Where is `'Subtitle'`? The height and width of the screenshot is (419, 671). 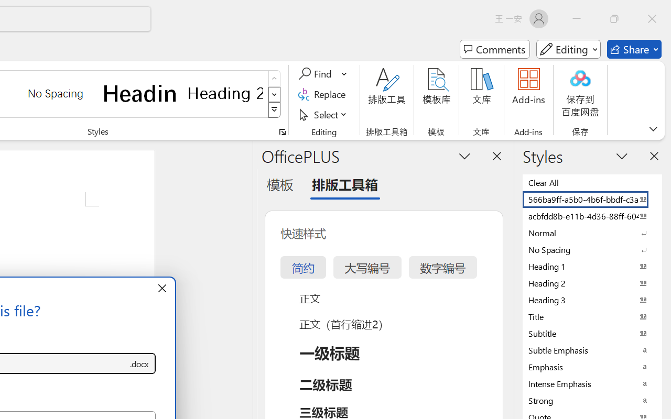
'Subtitle' is located at coordinates (592, 333).